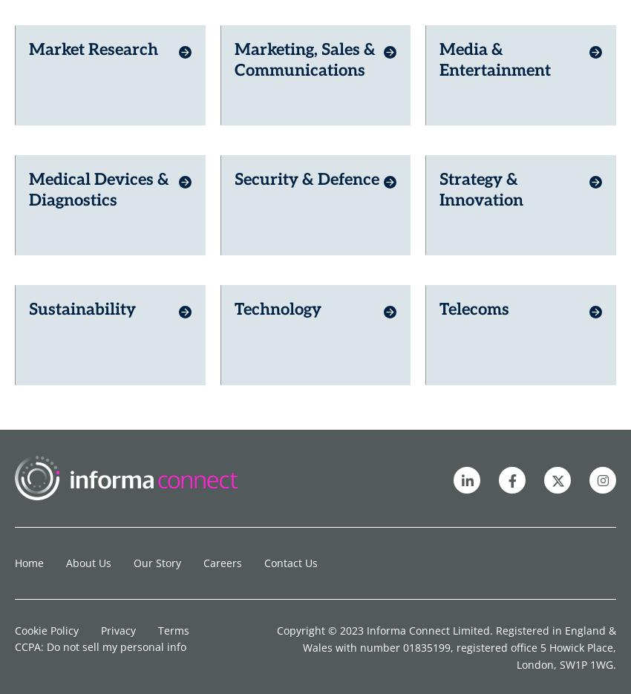 Image resolution: width=631 pixels, height=694 pixels. Describe the element at coordinates (156, 535) in the screenshot. I see `'Our Story'` at that location.